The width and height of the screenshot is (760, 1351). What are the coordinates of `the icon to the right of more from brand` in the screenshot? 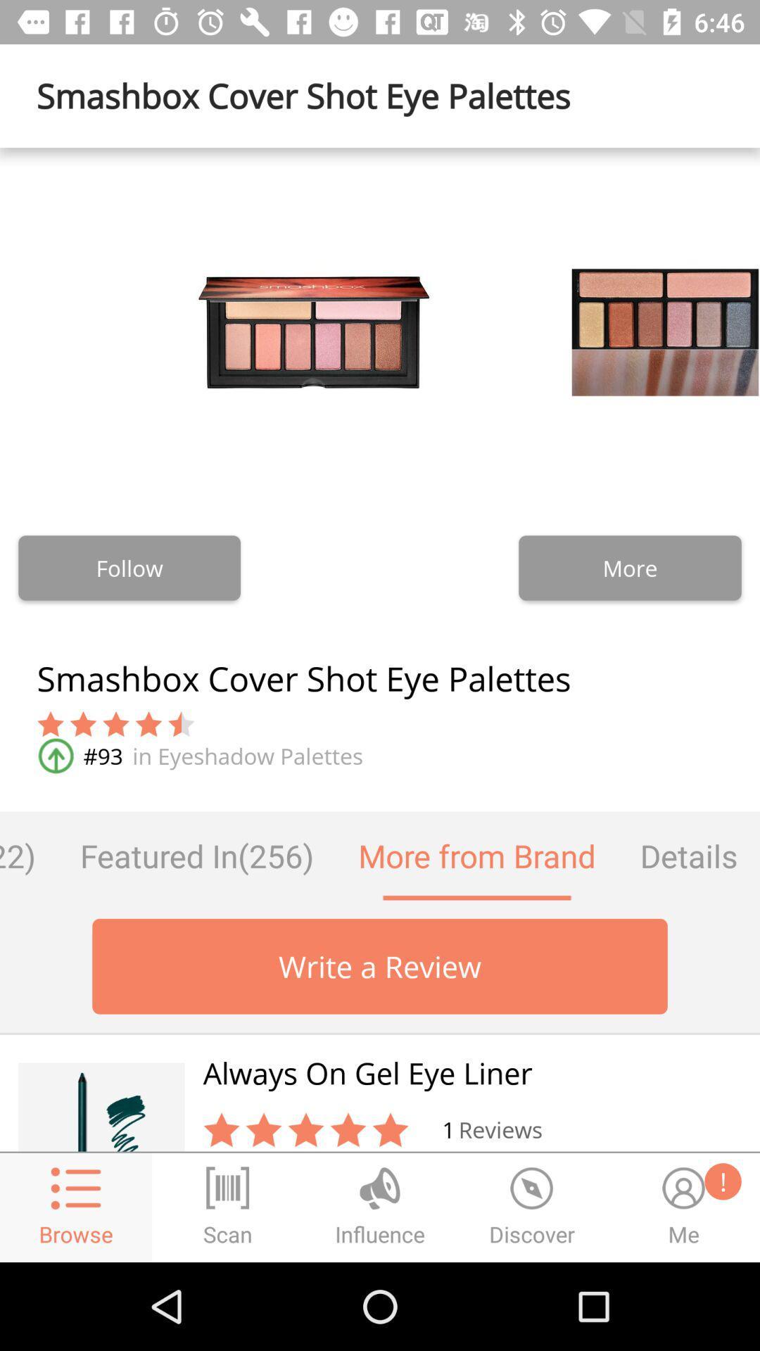 It's located at (688, 855).